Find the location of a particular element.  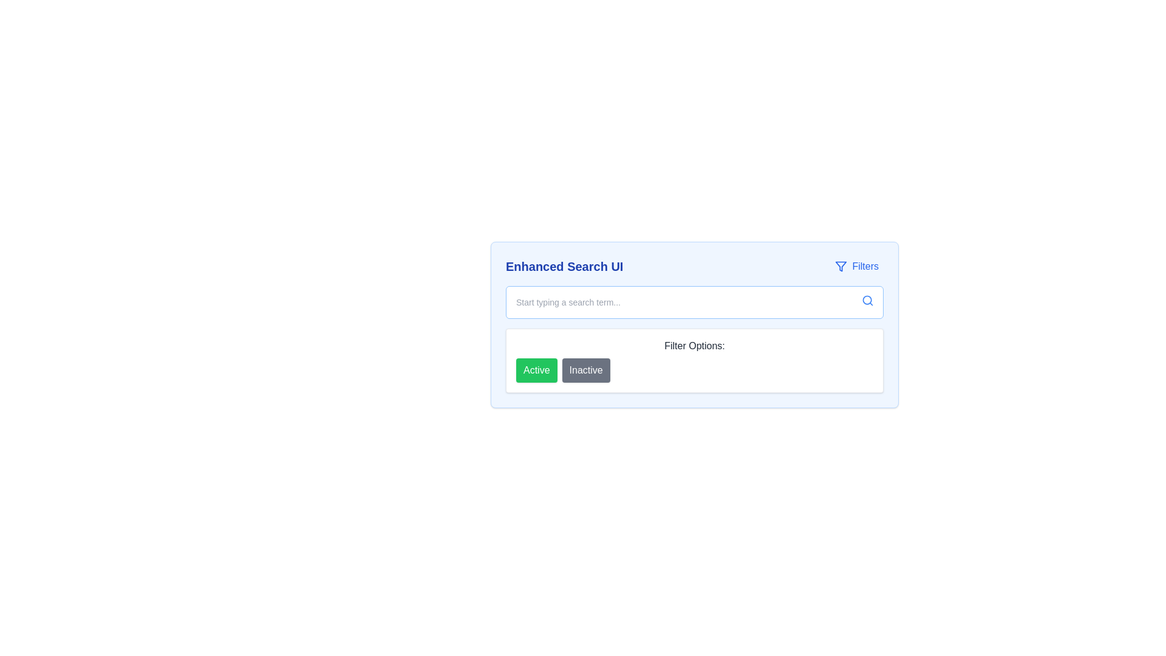

the 'Filter Options:' text label, which is prominently displayed above the 'Active' and 'Inactive' buttons, styled with a medium font weight and gray color is located at coordinates (694, 346).